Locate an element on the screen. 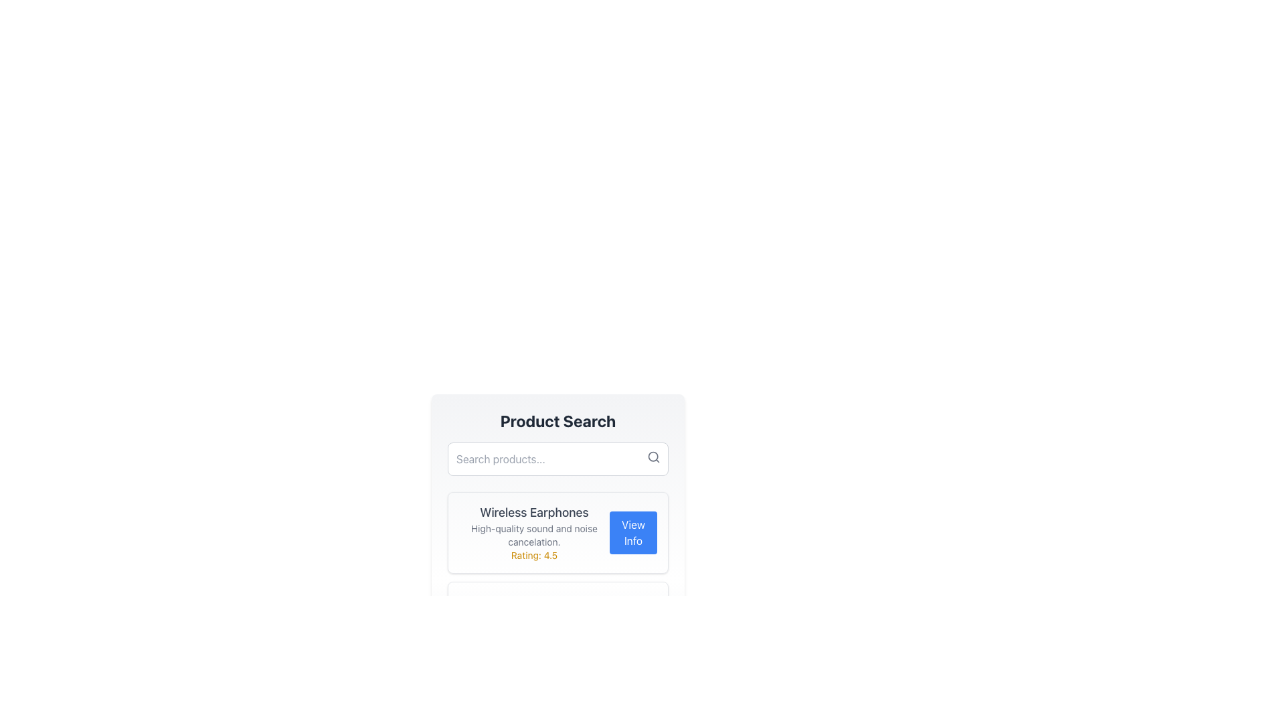  the descriptive heading located at the top of the product search section, which introduces the purpose of the section below is located at coordinates (558, 420).